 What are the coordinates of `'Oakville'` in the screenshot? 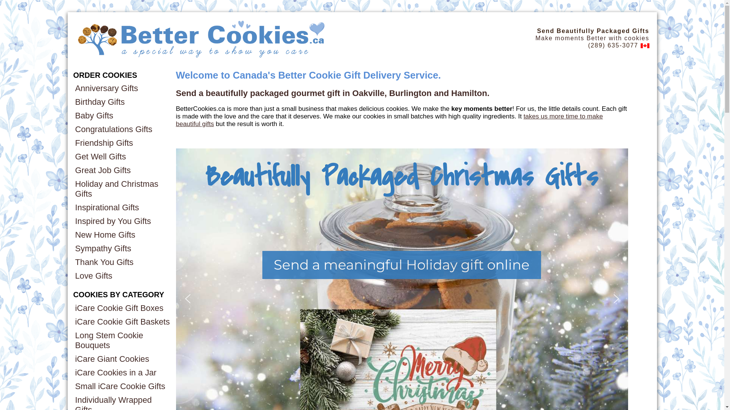 It's located at (368, 93).